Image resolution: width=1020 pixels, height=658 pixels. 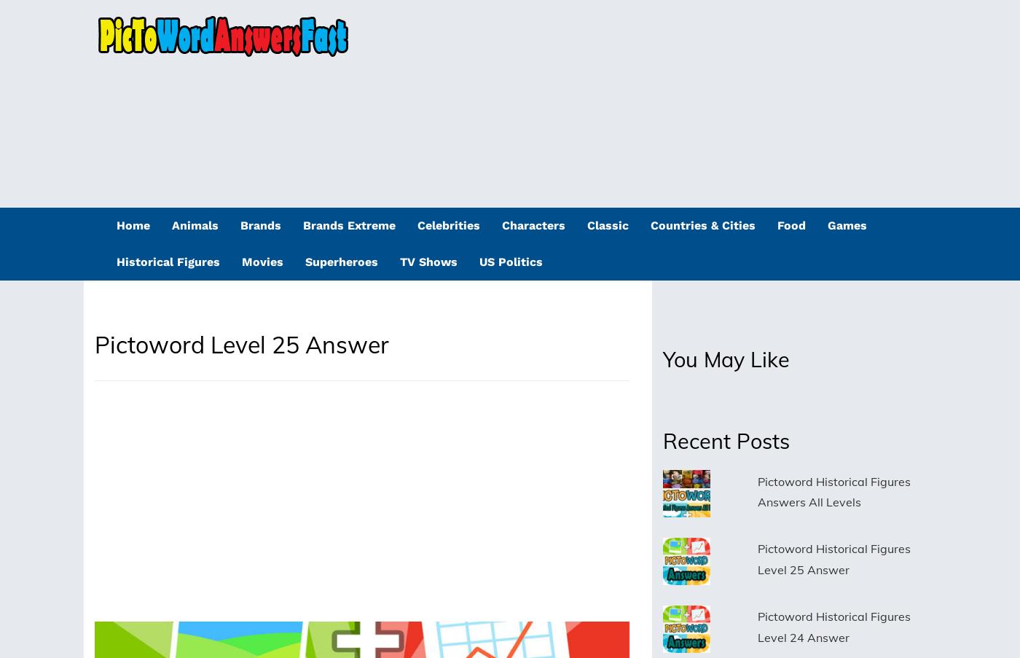 What do you see at coordinates (342, 262) in the screenshot?
I see `'Superheroes'` at bounding box center [342, 262].